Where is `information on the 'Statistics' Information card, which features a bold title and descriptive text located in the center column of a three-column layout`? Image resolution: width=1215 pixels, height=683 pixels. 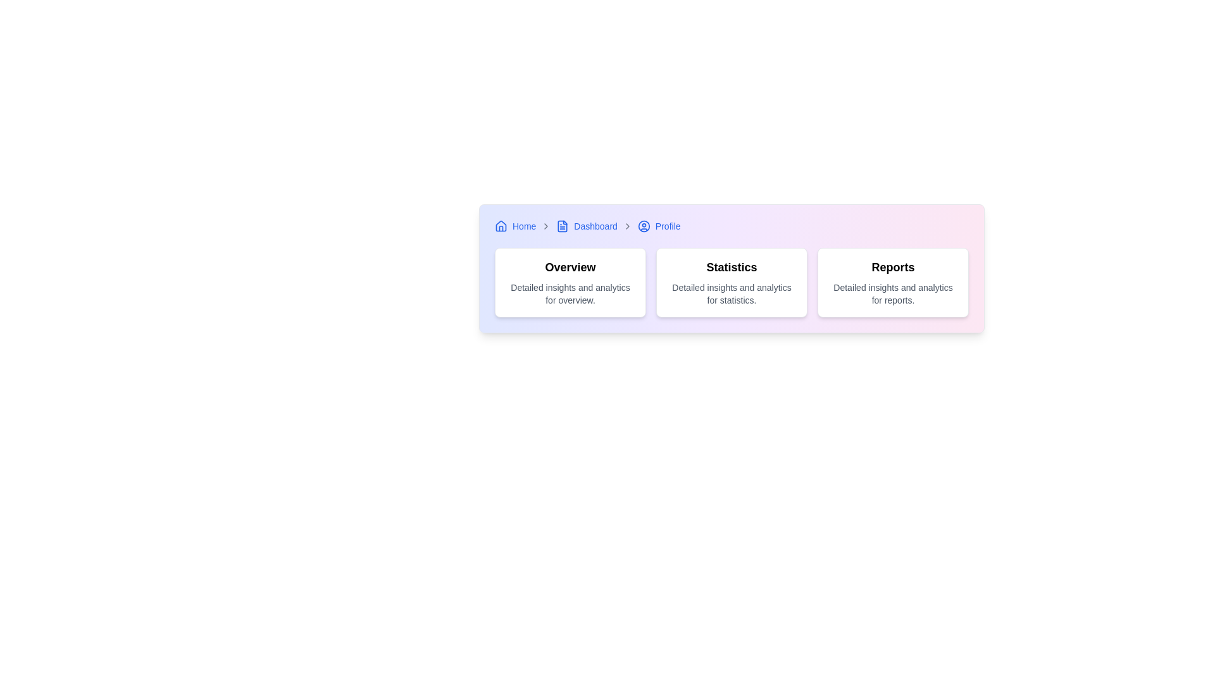
information on the 'Statistics' Information card, which features a bold title and descriptive text located in the center column of a three-column layout is located at coordinates (732, 282).